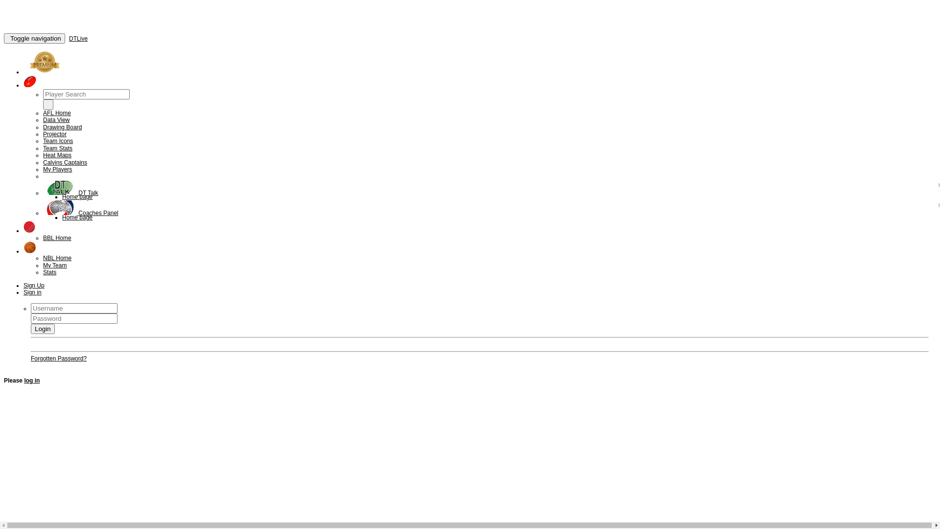 The width and height of the screenshot is (940, 529). I want to click on 'NBL Home', so click(56, 258).